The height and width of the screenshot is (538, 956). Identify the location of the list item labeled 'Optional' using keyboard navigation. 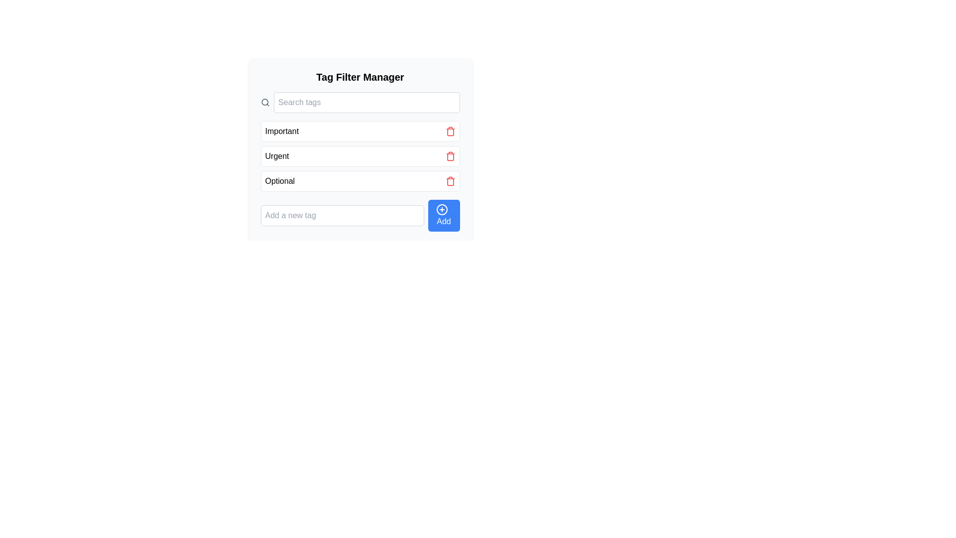
(359, 181).